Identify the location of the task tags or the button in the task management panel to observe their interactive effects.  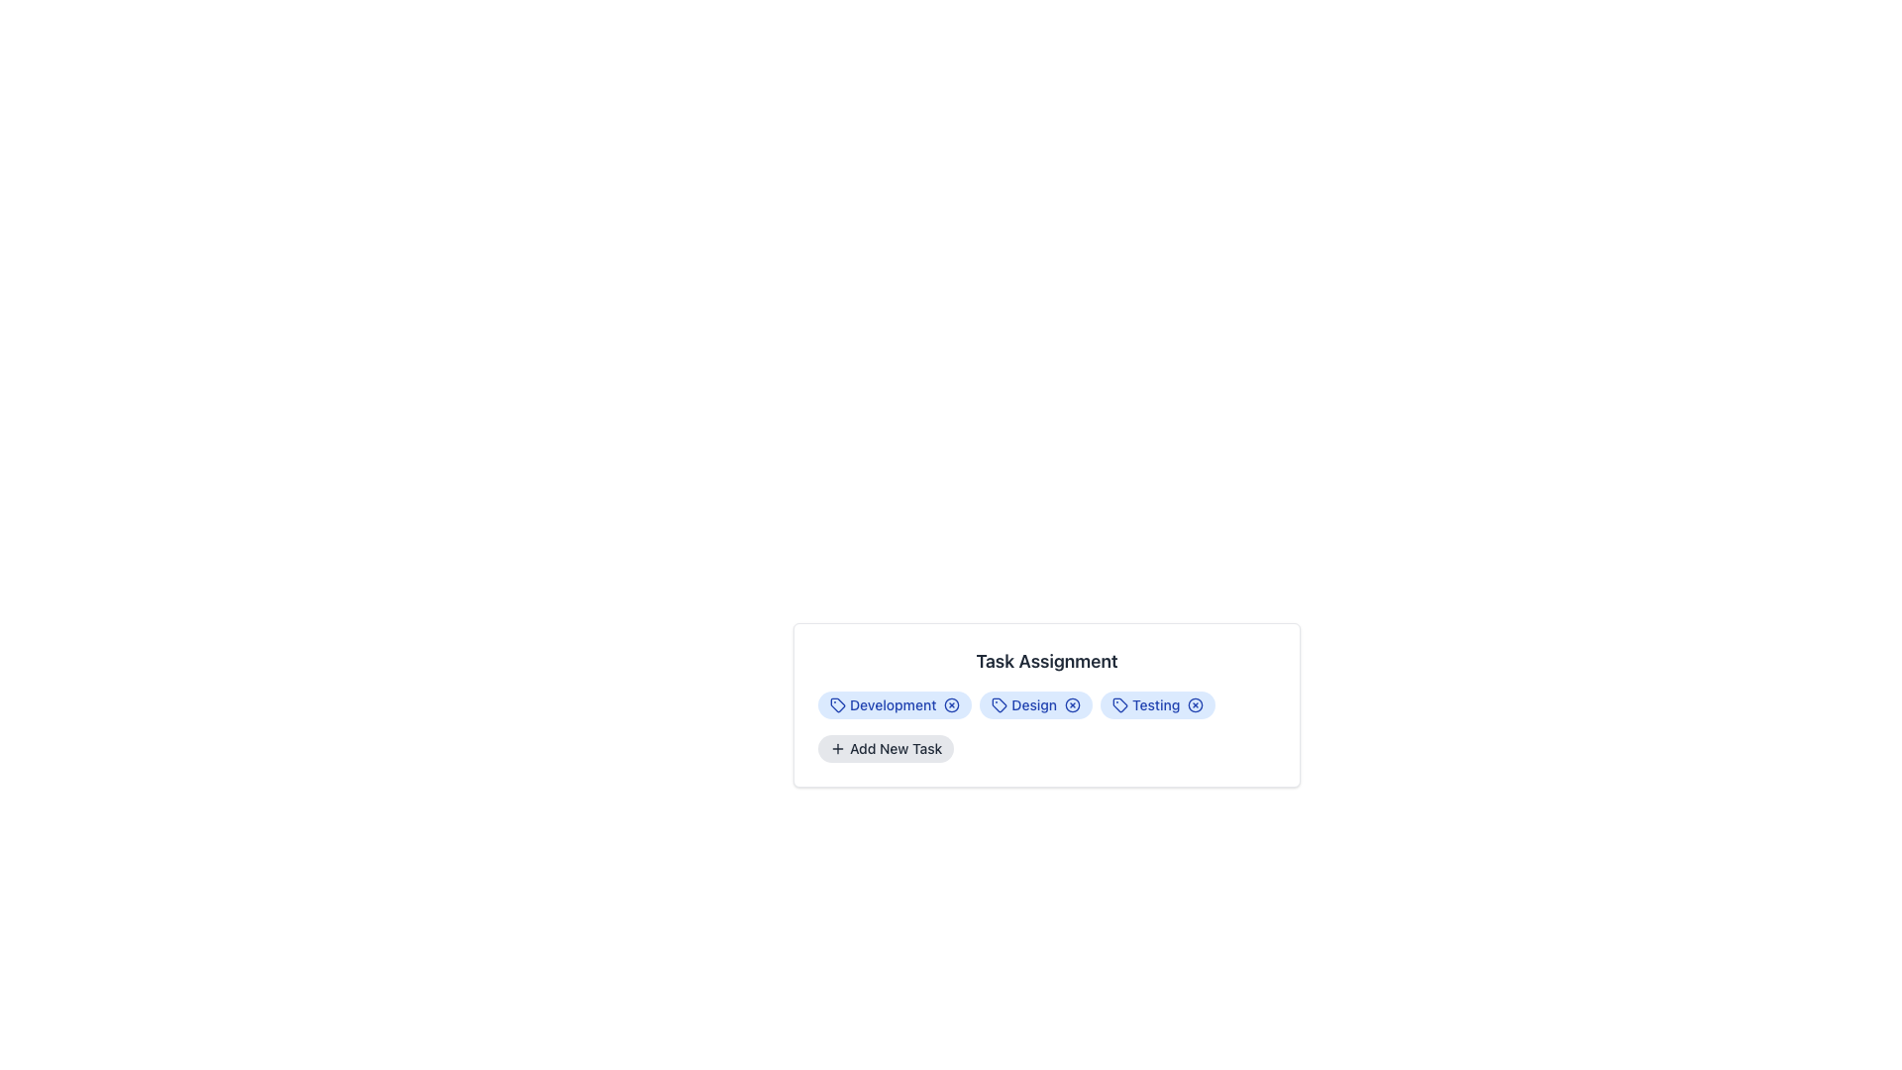
(1045, 704).